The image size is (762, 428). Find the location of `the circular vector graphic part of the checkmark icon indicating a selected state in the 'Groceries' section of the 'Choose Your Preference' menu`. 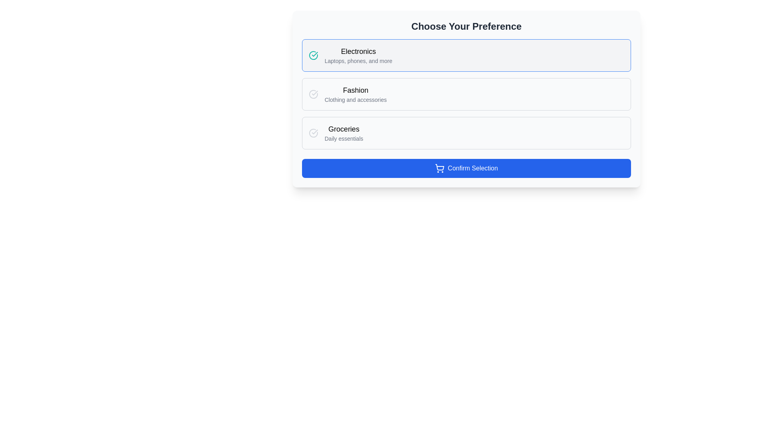

the circular vector graphic part of the checkmark icon indicating a selected state in the 'Groceries' section of the 'Choose Your Preference' menu is located at coordinates (313, 132).